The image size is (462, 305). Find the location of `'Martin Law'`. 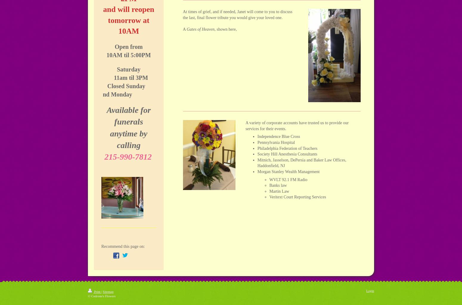

'Martin Law' is located at coordinates (279, 191).